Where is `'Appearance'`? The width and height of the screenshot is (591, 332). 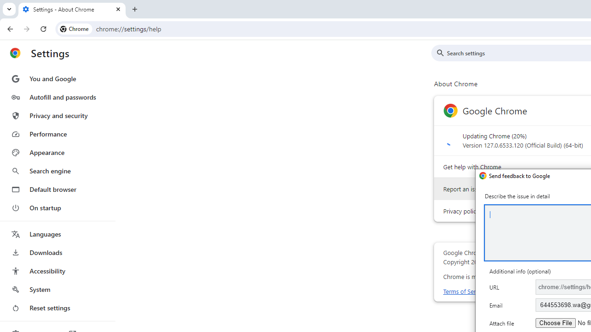 'Appearance' is located at coordinates (57, 152).